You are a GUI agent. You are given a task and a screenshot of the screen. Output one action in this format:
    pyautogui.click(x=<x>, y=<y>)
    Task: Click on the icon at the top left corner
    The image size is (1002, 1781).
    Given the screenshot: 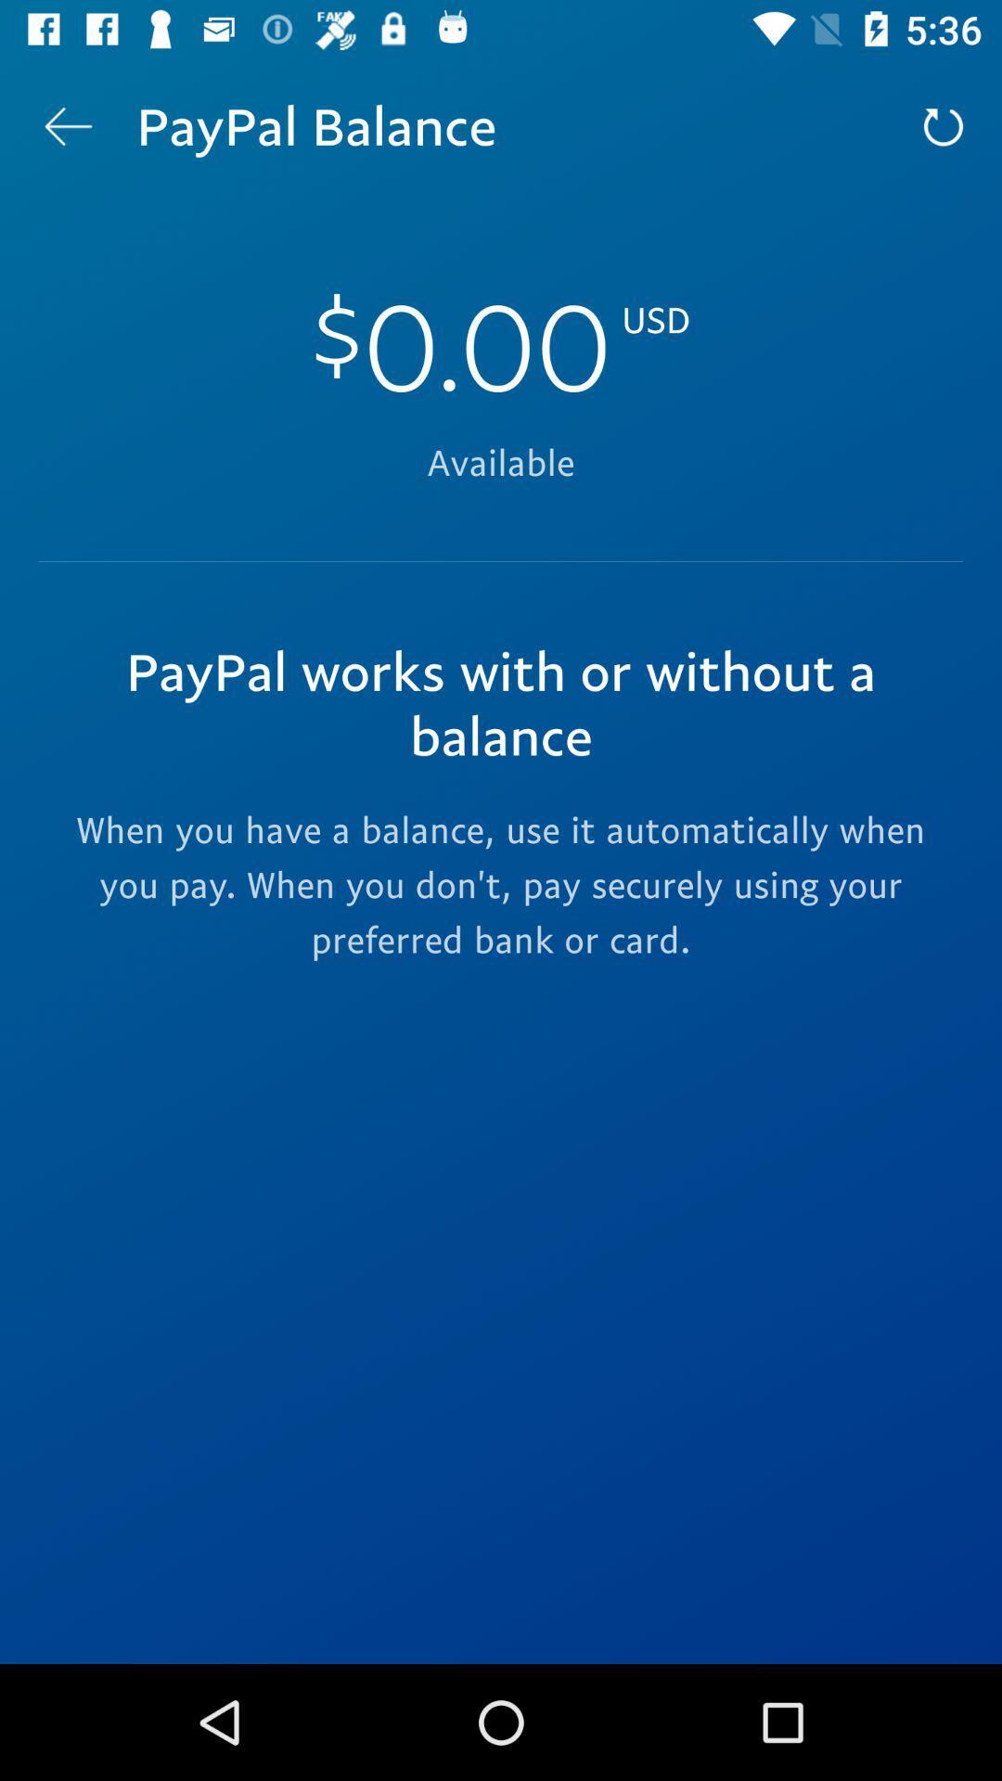 What is the action you would take?
    pyautogui.click(x=67, y=125)
    